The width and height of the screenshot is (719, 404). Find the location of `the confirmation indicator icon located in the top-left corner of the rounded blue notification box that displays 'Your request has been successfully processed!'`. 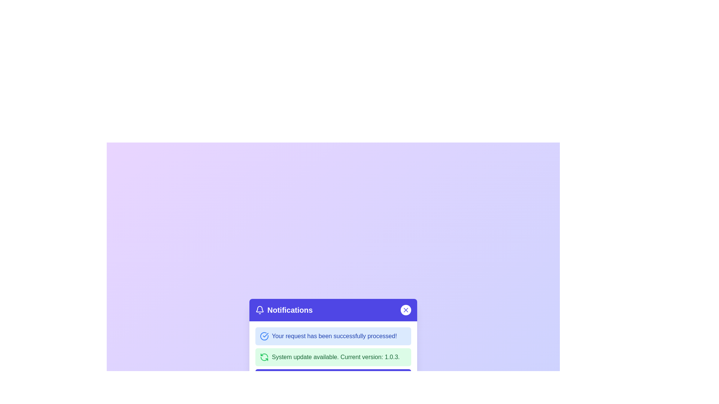

the confirmation indicator icon located in the top-left corner of the rounded blue notification box that displays 'Your request has been successfully processed!' is located at coordinates (264, 336).